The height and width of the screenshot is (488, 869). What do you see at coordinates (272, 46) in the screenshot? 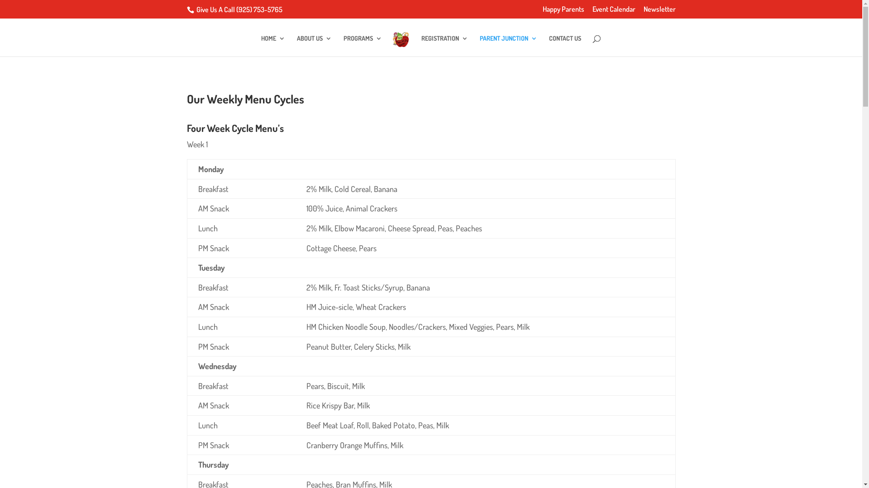
I see `'HOME'` at bounding box center [272, 46].